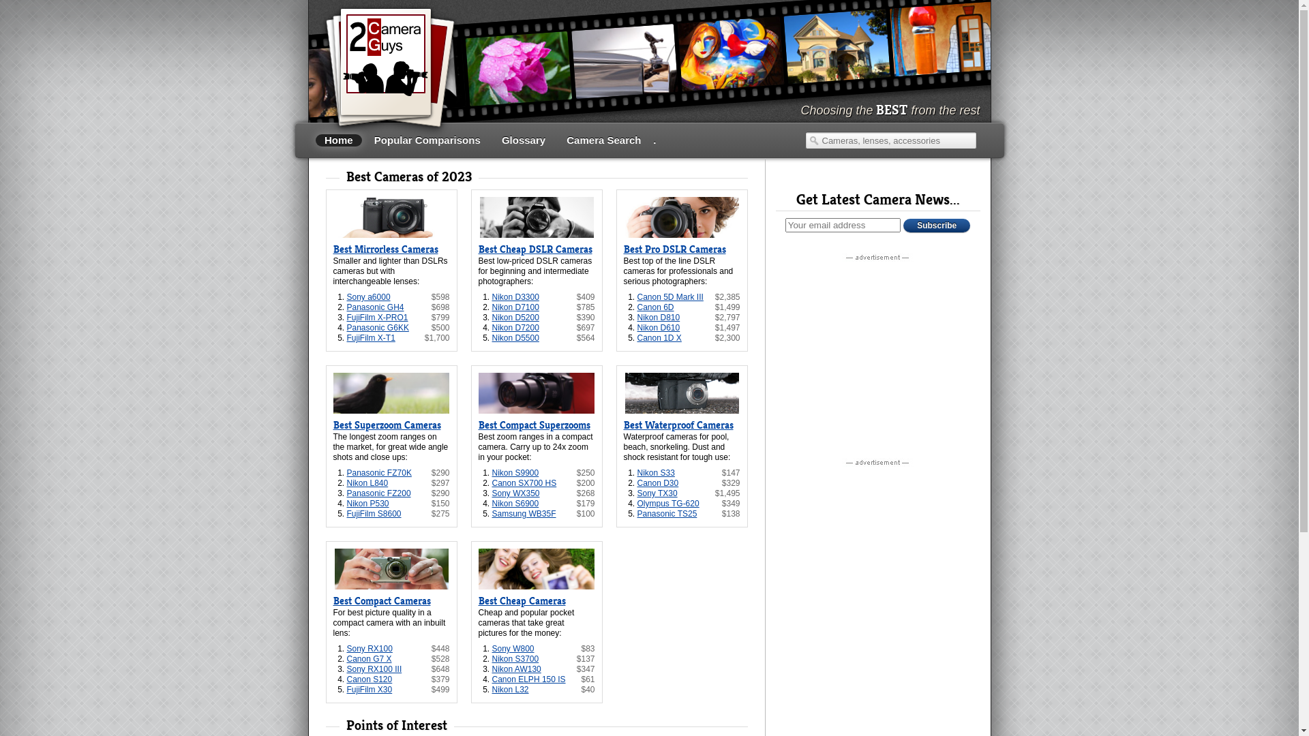  I want to click on 'Best Waterproof Cameras 2023', so click(681, 393).